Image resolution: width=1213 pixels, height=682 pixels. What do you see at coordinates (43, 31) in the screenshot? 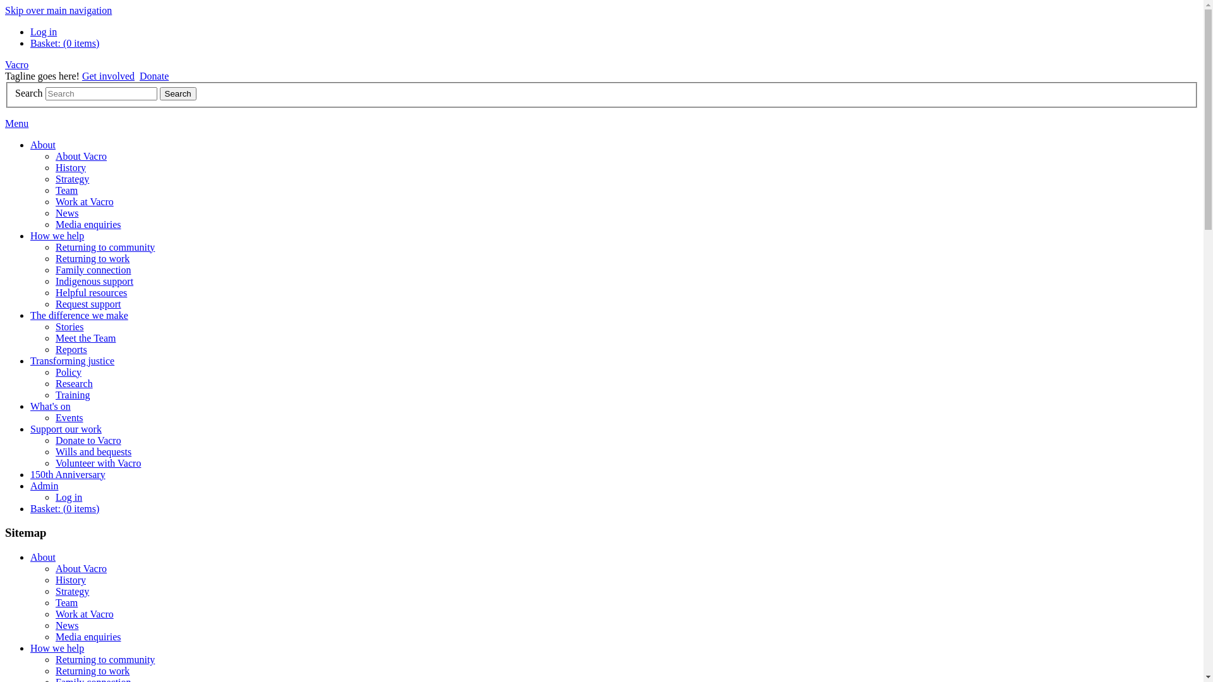
I see `'Log in'` at bounding box center [43, 31].